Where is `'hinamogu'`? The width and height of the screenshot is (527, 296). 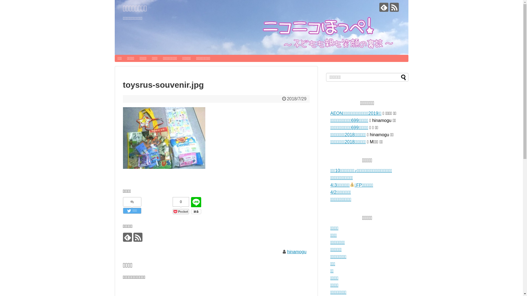
'hinamogu' is located at coordinates (287, 252).